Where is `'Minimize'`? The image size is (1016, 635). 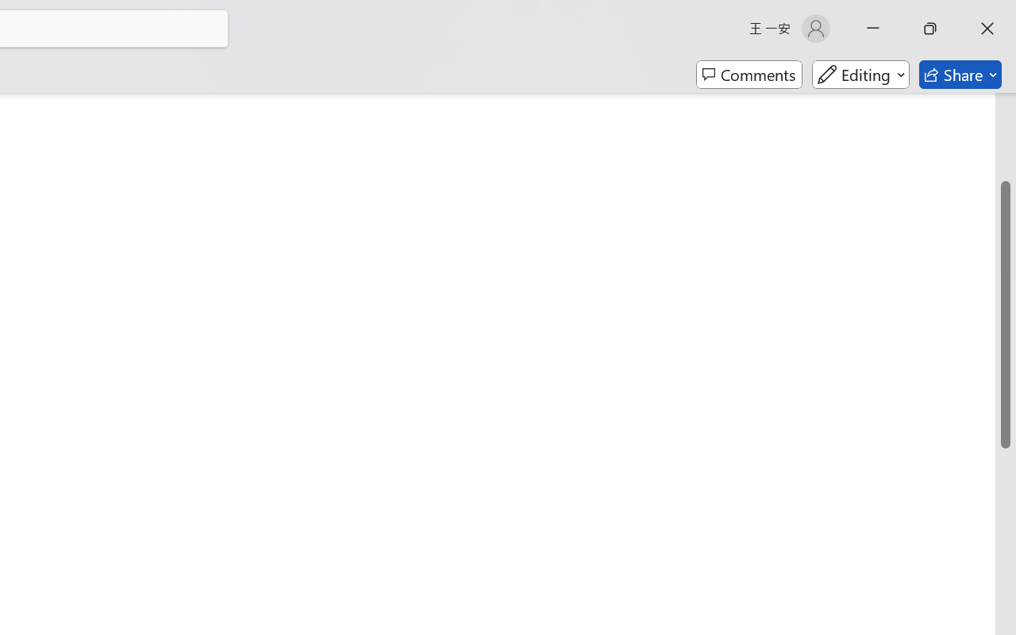 'Minimize' is located at coordinates (872, 28).